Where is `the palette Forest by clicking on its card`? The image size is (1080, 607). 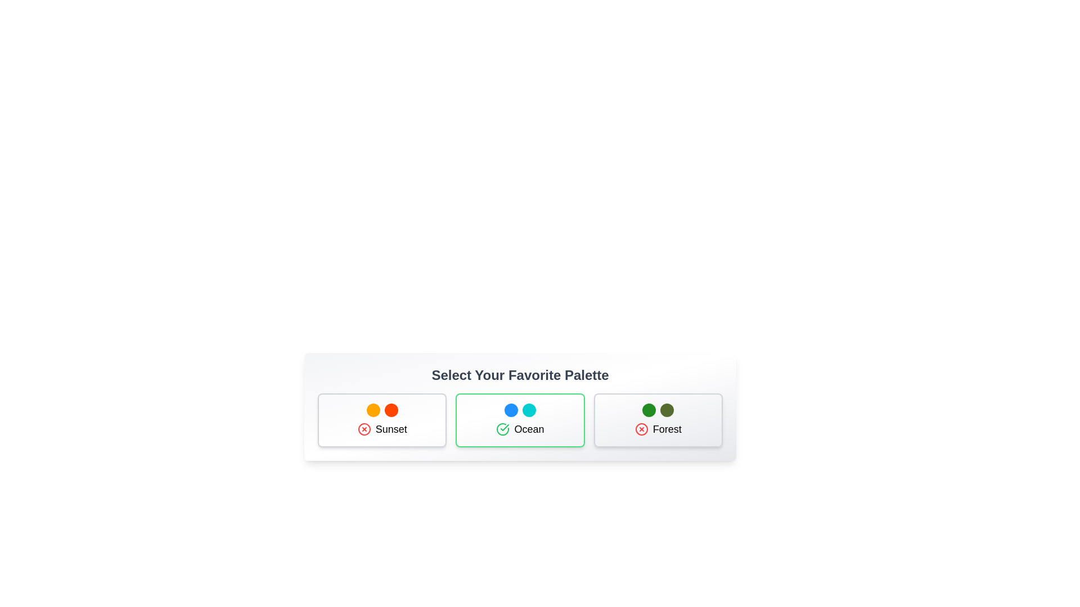
the palette Forest by clicking on its card is located at coordinates (658, 420).